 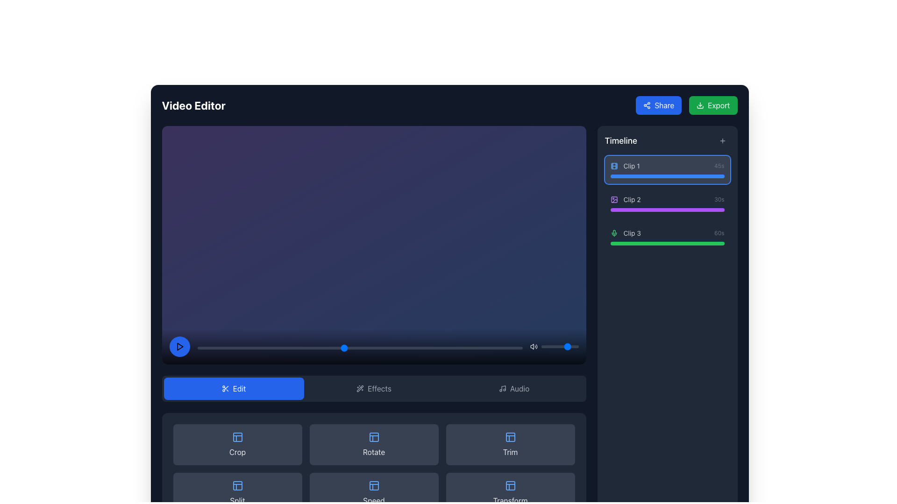 What do you see at coordinates (614, 231) in the screenshot?
I see `the top section of the microphone icon located in the timeline section adjacent to the label 'Clip 3'` at bounding box center [614, 231].